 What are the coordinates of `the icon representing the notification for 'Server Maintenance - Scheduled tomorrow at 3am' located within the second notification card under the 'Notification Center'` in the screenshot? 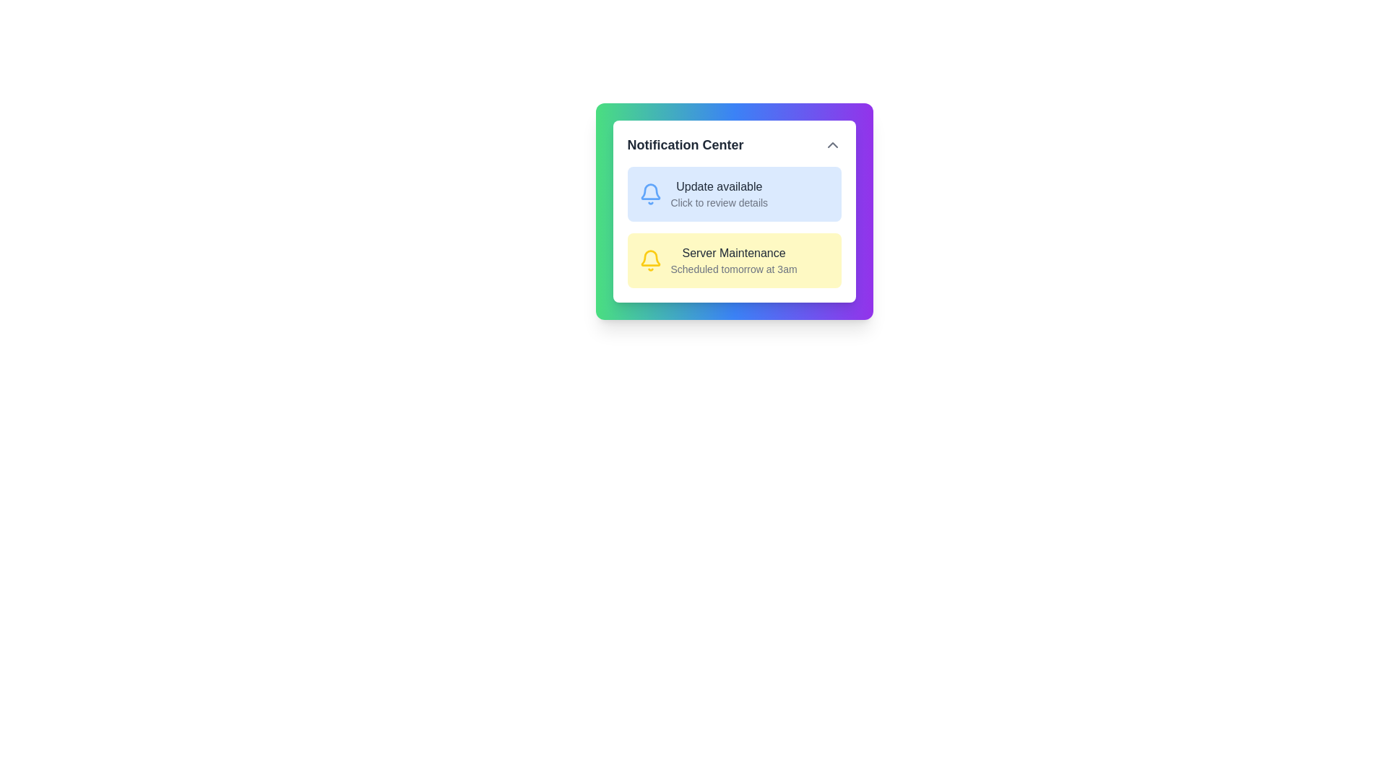 It's located at (649, 261).